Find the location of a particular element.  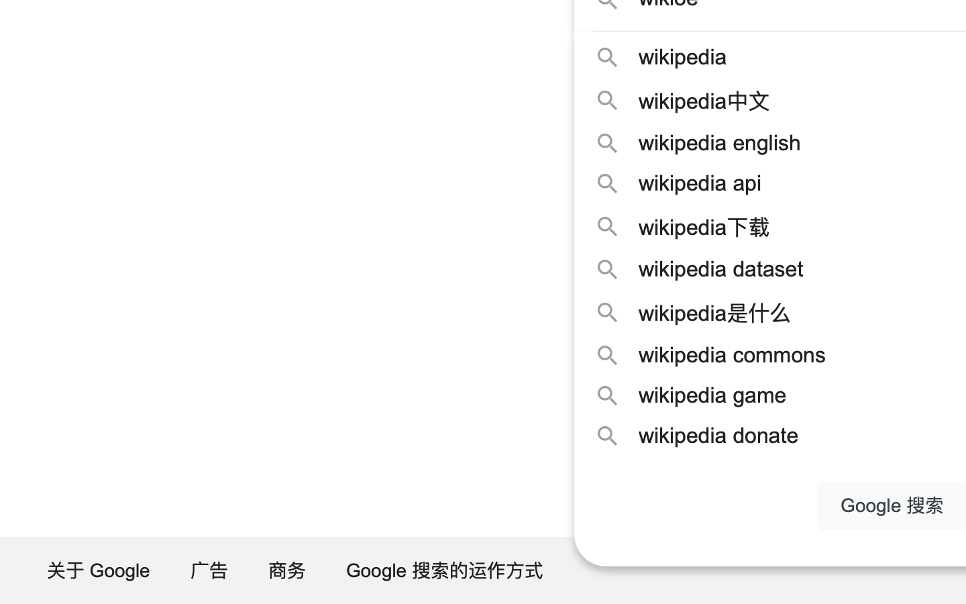

'商务' is located at coordinates (287, 570).